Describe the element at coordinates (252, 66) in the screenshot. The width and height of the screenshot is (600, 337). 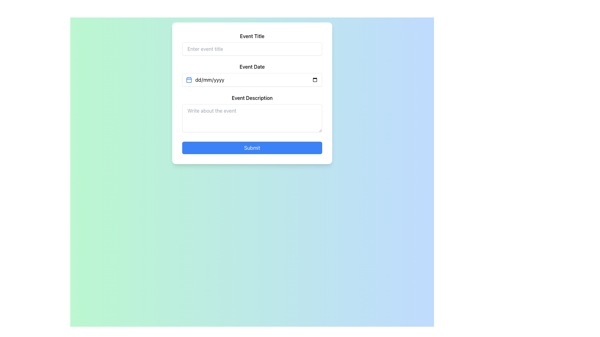
I see `the 'Event Date' static text label, which is styled in a medium-sized, bold font and located above the date input field in a card-like form interface` at that location.